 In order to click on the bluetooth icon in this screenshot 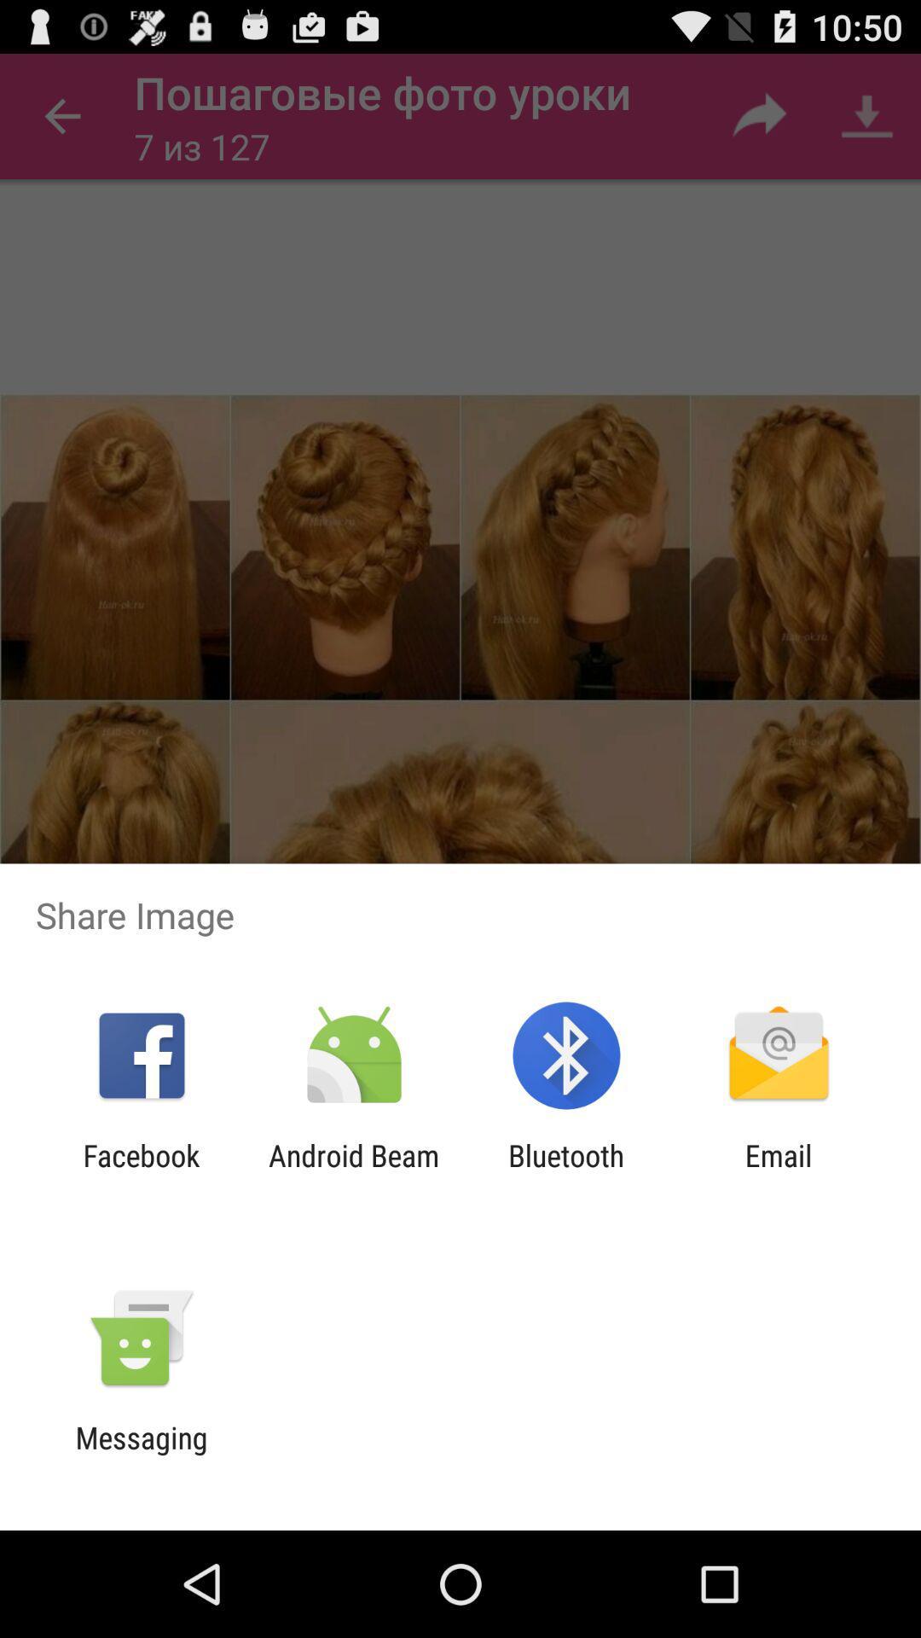, I will do `click(566, 1172)`.